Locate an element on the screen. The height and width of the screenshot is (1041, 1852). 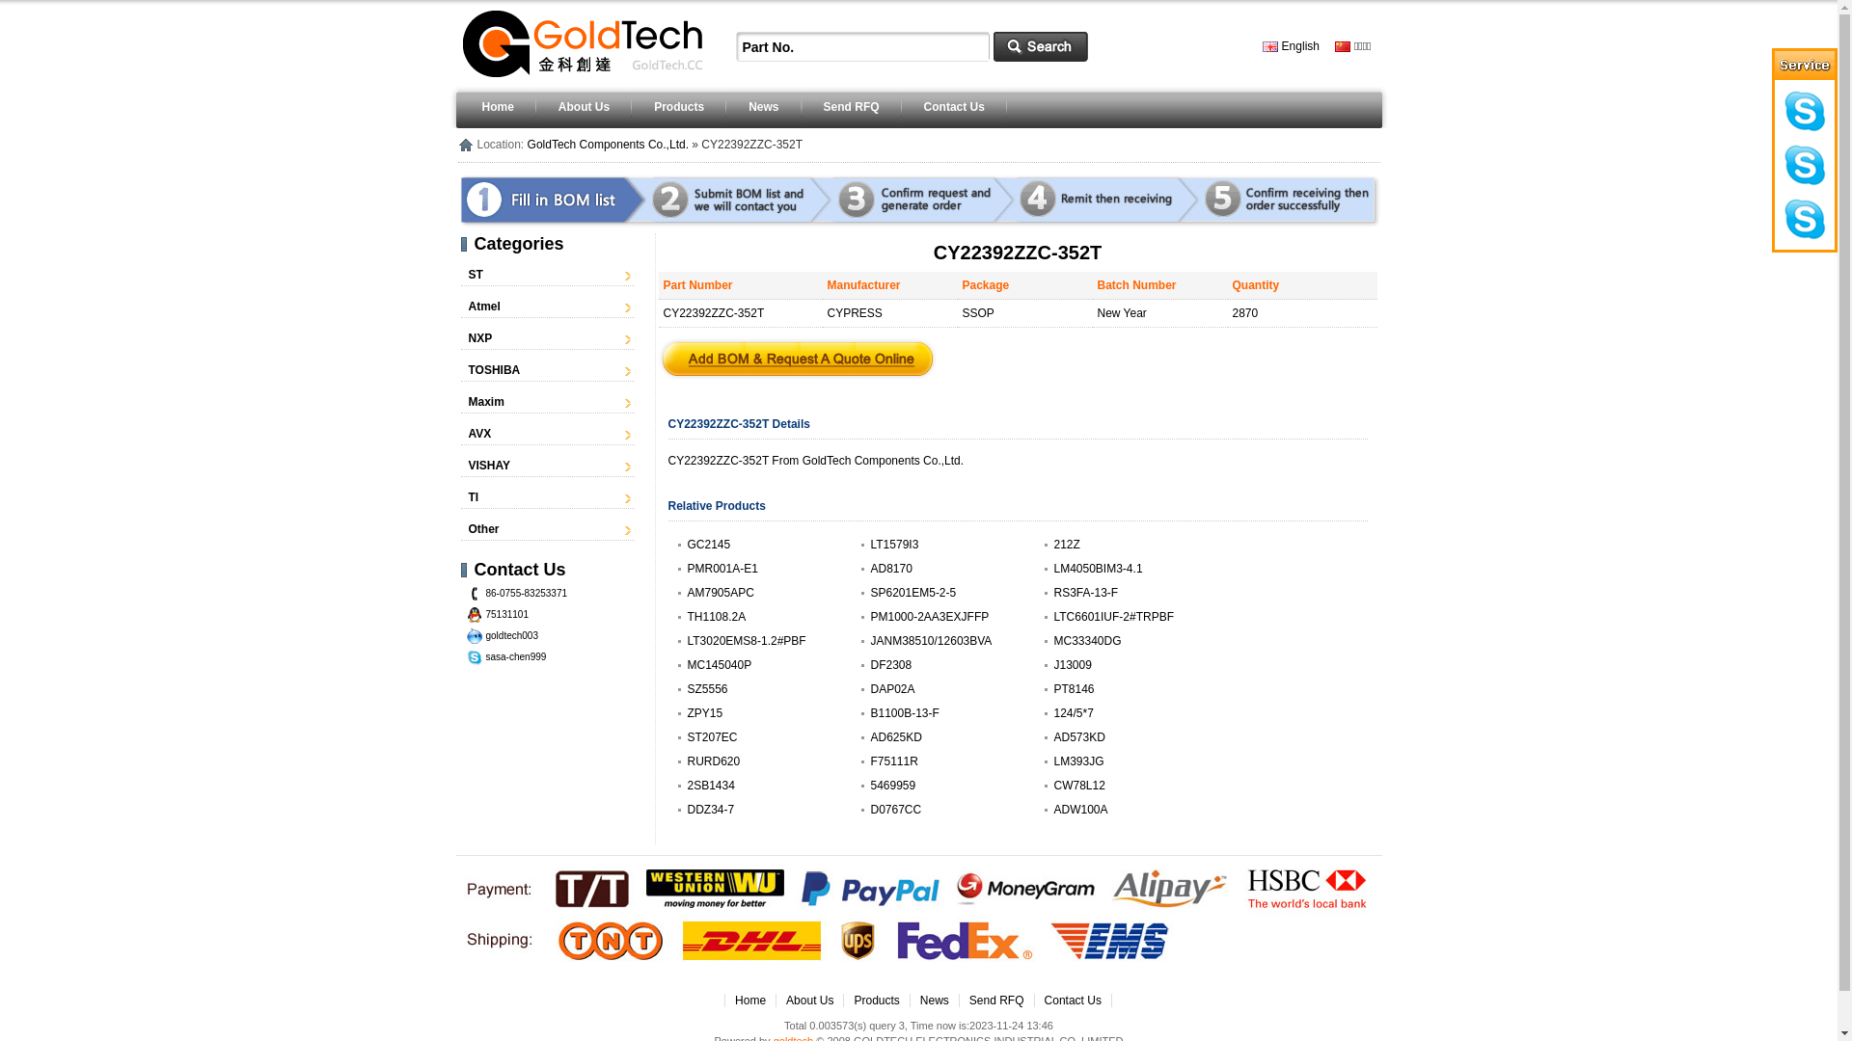
'VISHAY' is located at coordinates (490, 465).